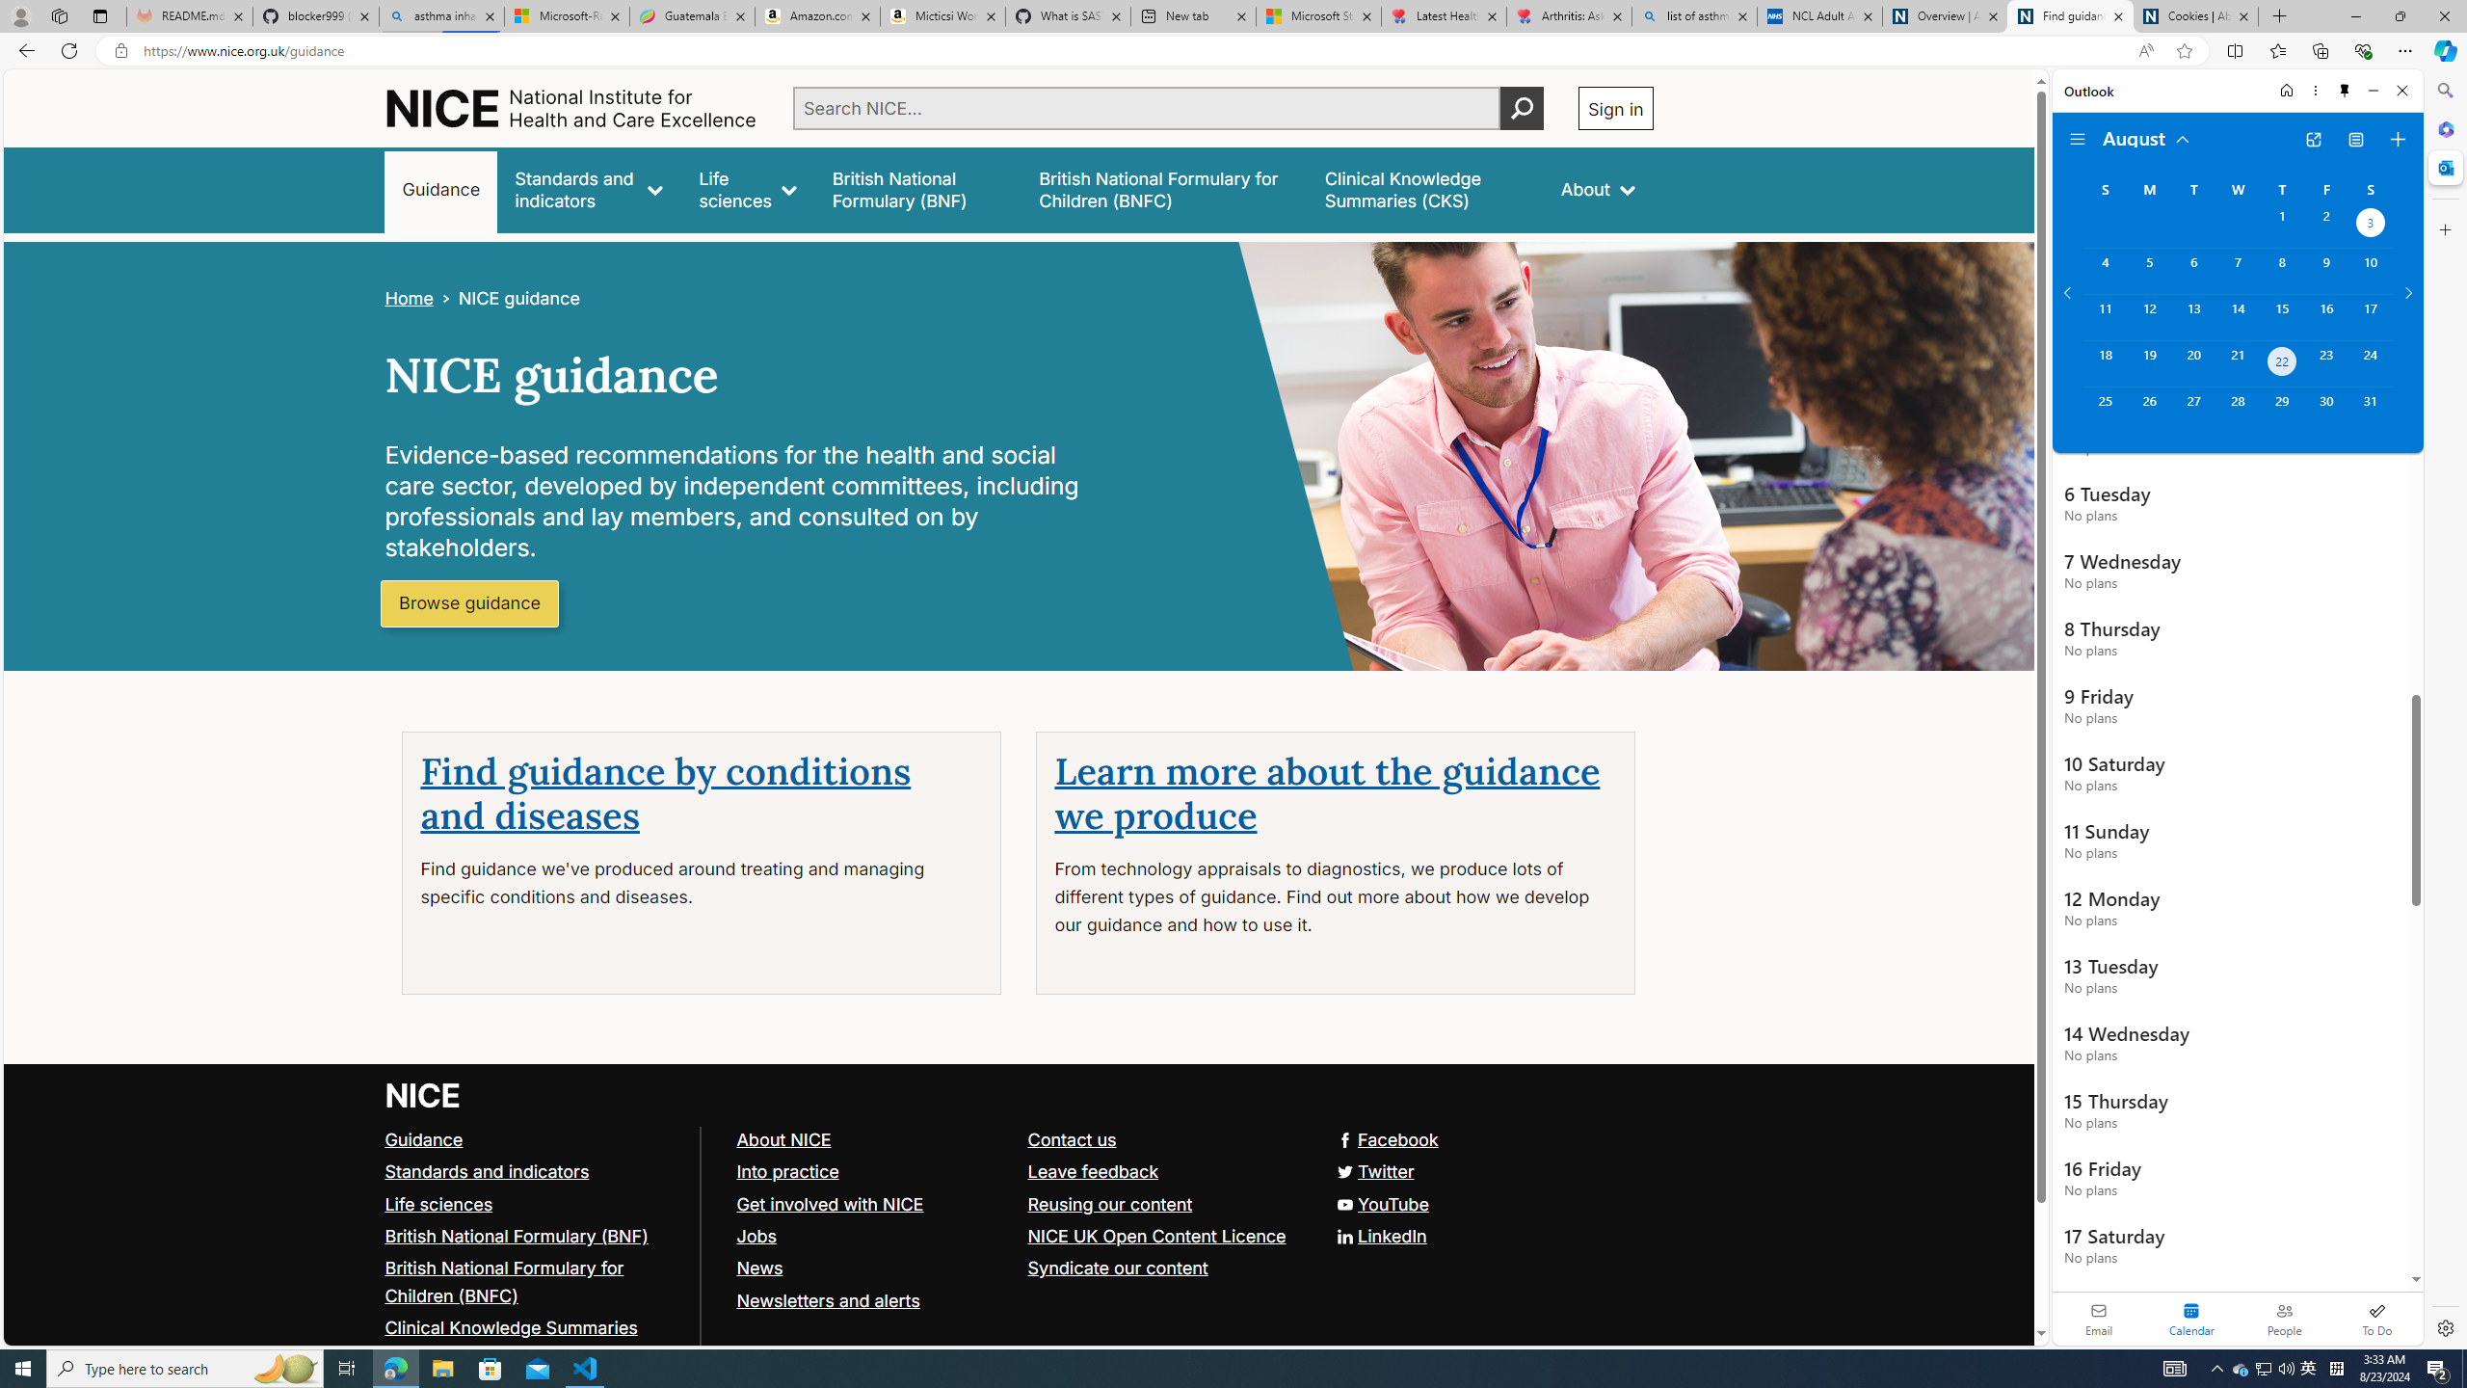 This screenshot has height=1388, width=2467. Describe the element at coordinates (1380, 1203) in the screenshot. I see `'YouTube'` at that location.